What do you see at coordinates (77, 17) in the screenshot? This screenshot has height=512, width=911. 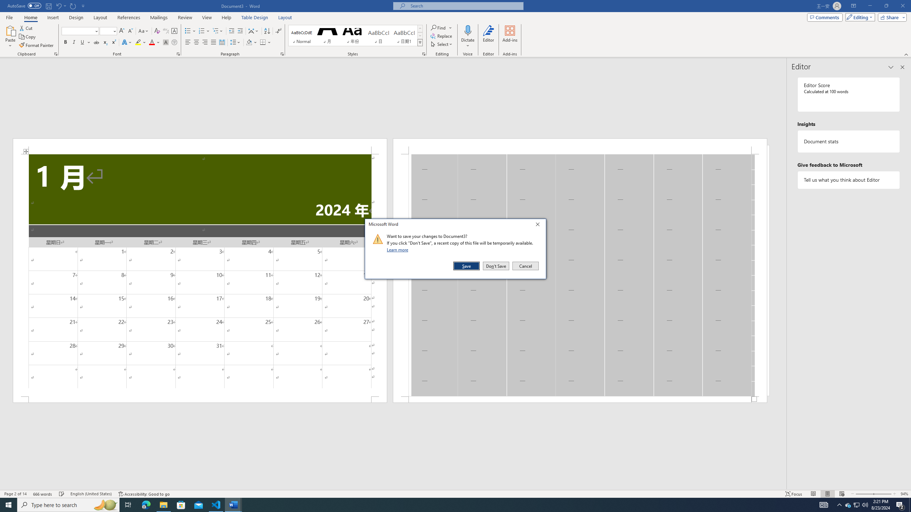 I see `'Design'` at bounding box center [77, 17].